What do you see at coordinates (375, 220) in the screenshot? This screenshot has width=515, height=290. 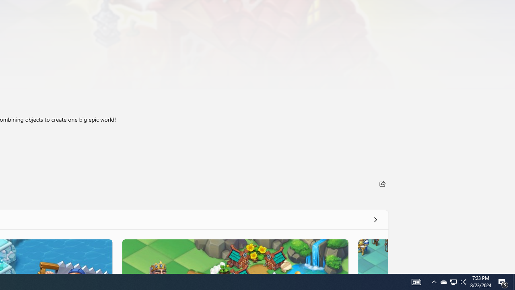 I see `'See all'` at bounding box center [375, 220].